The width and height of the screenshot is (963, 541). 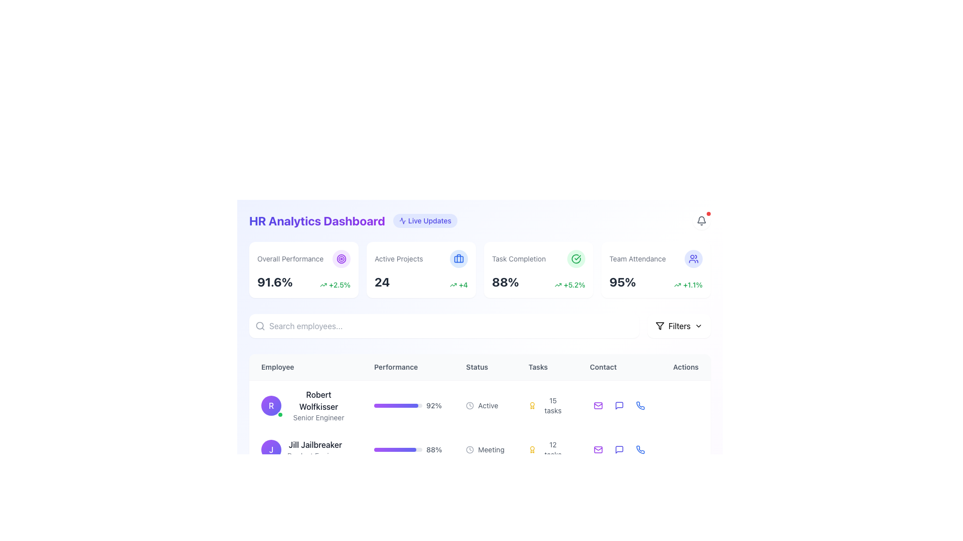 I want to click on the numeric indication with the trend symbol, which displays a green text reading '+4' accompanied by an upward green arrow icon, located in the third information card labeled 'Active Projects' in the dashboard, so click(x=458, y=285).